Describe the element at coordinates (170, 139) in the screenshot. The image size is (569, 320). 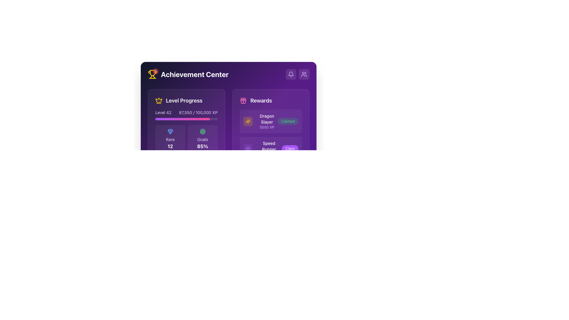
I see `'Rare' Informational card located in the 'Level Progress' section, which shows the count '12'` at that location.